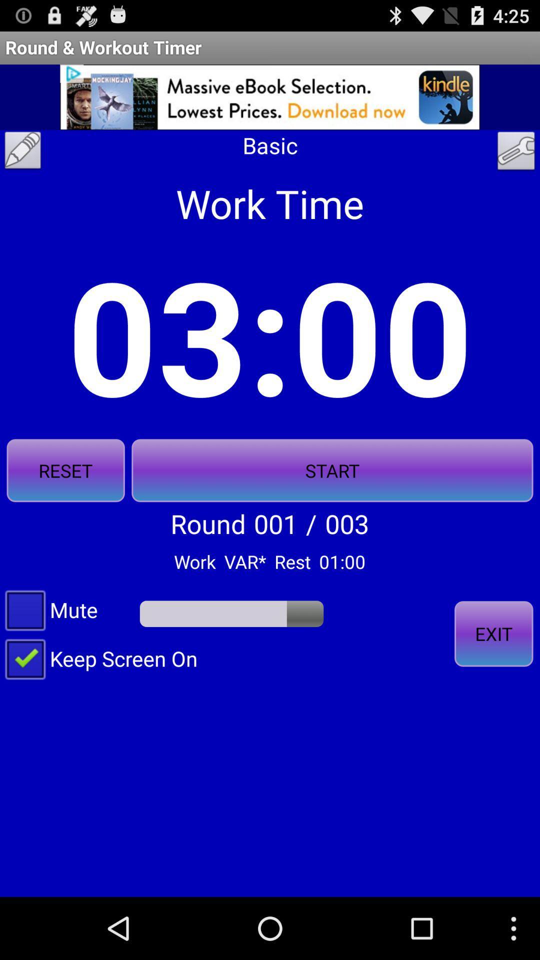 The width and height of the screenshot is (540, 960). Describe the element at coordinates (98, 658) in the screenshot. I see `item at the bottom left corner` at that location.